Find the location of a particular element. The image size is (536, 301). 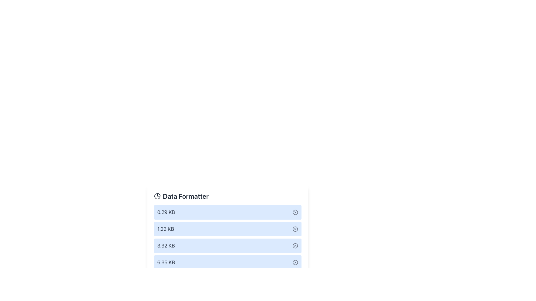

the circular close icon element with a dark gray outline located in the bottom-right corner of the interface is located at coordinates (295, 262).